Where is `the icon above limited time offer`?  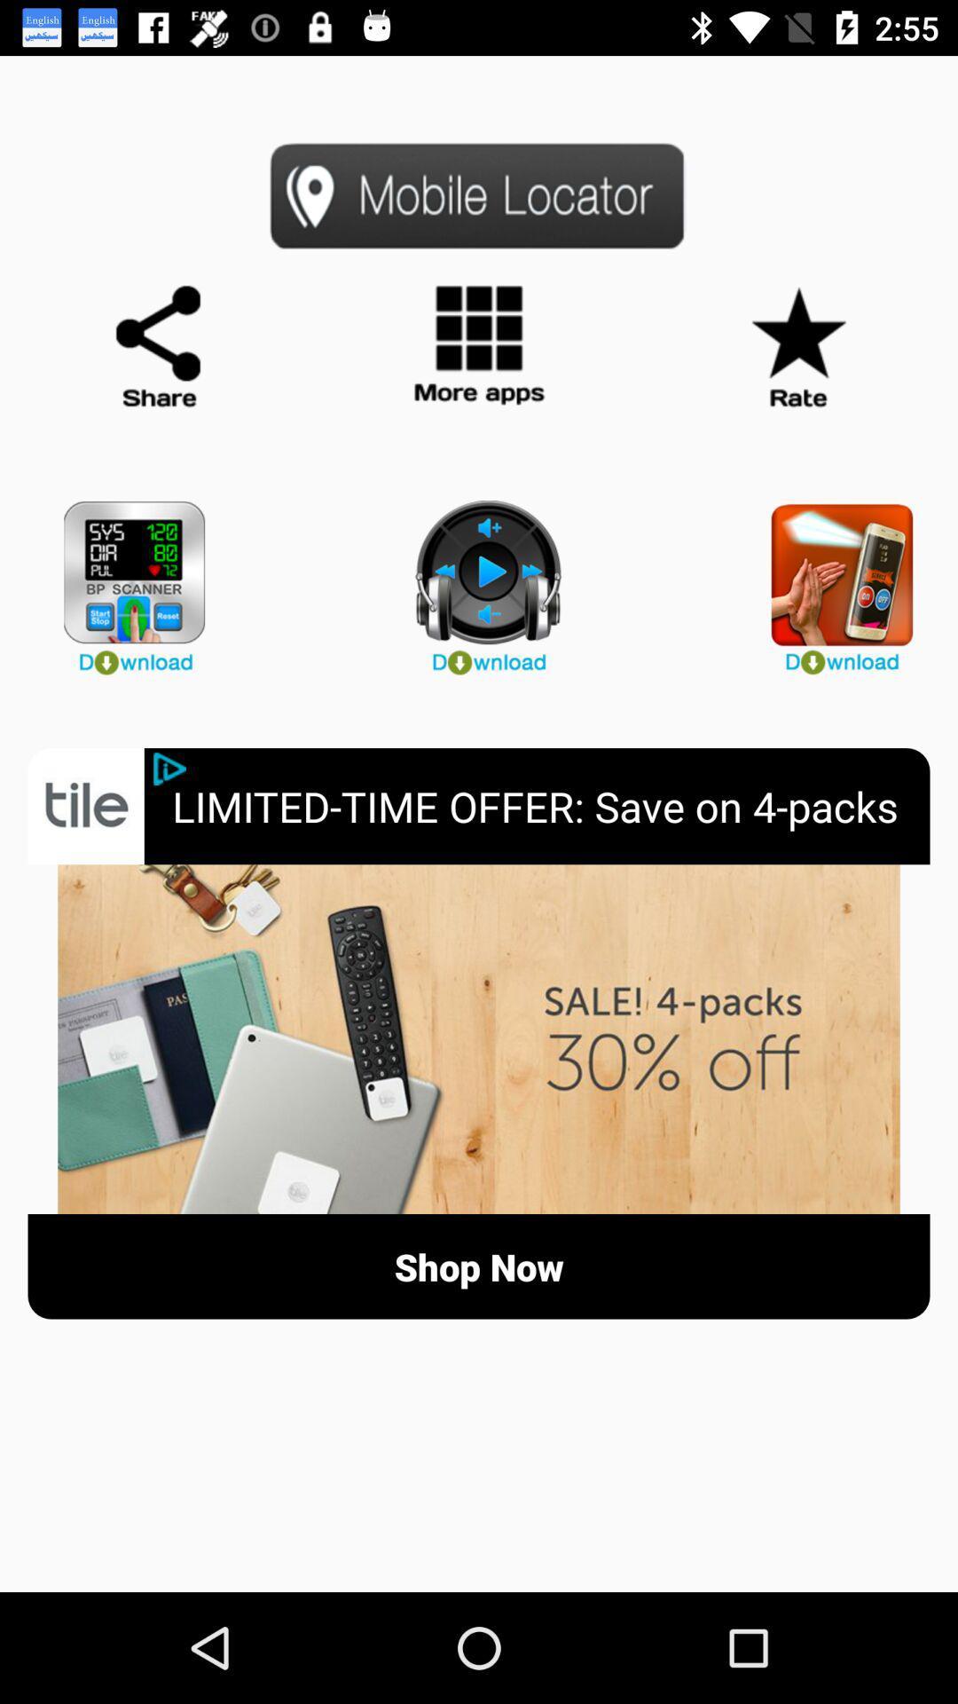 the icon above limited time offer is located at coordinates (479, 580).